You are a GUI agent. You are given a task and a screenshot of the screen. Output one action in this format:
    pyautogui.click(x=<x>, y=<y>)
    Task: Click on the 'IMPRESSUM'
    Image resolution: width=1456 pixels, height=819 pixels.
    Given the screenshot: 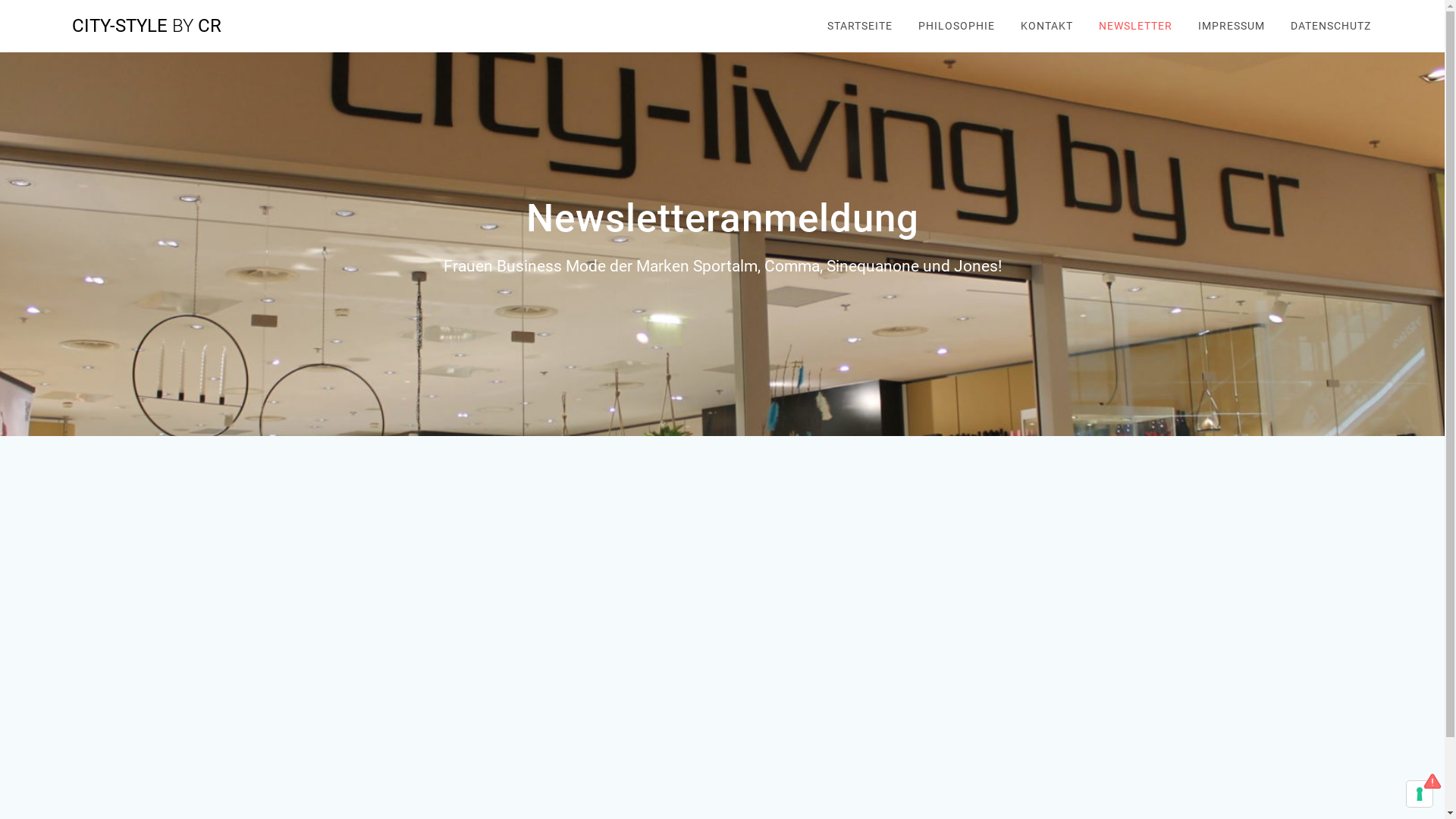 What is the action you would take?
    pyautogui.click(x=1231, y=26)
    